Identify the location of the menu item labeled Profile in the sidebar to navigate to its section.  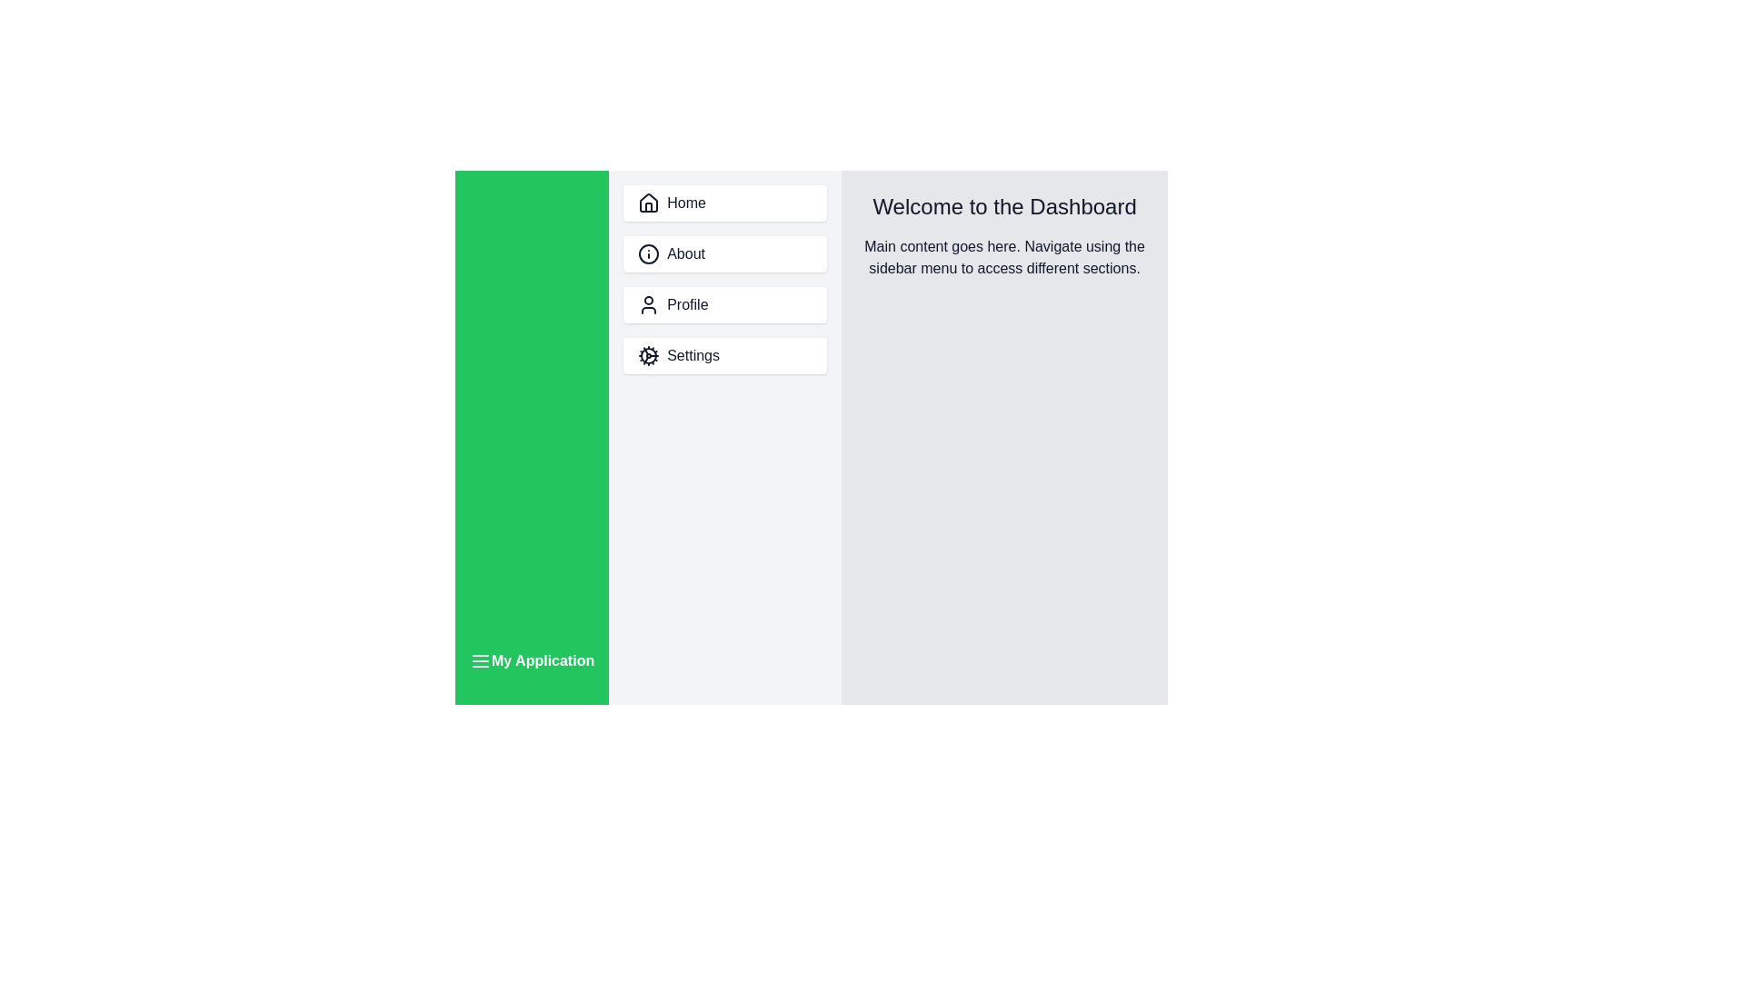
(723, 303).